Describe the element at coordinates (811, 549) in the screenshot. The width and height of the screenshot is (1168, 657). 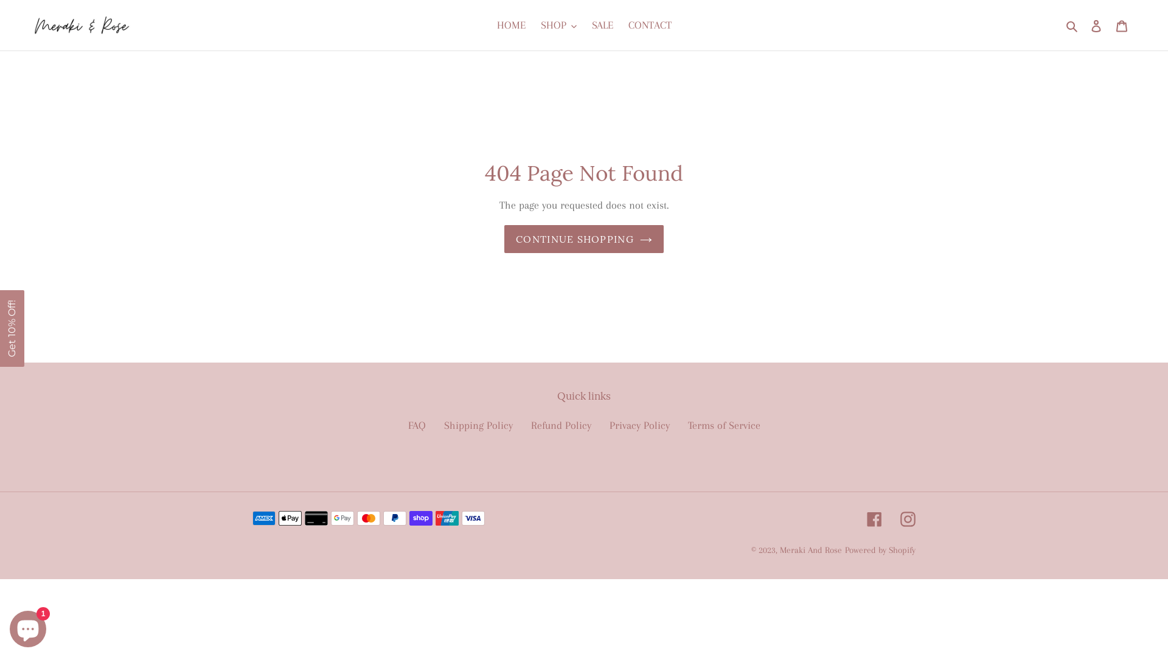
I see `'Meraki And Rose'` at that location.